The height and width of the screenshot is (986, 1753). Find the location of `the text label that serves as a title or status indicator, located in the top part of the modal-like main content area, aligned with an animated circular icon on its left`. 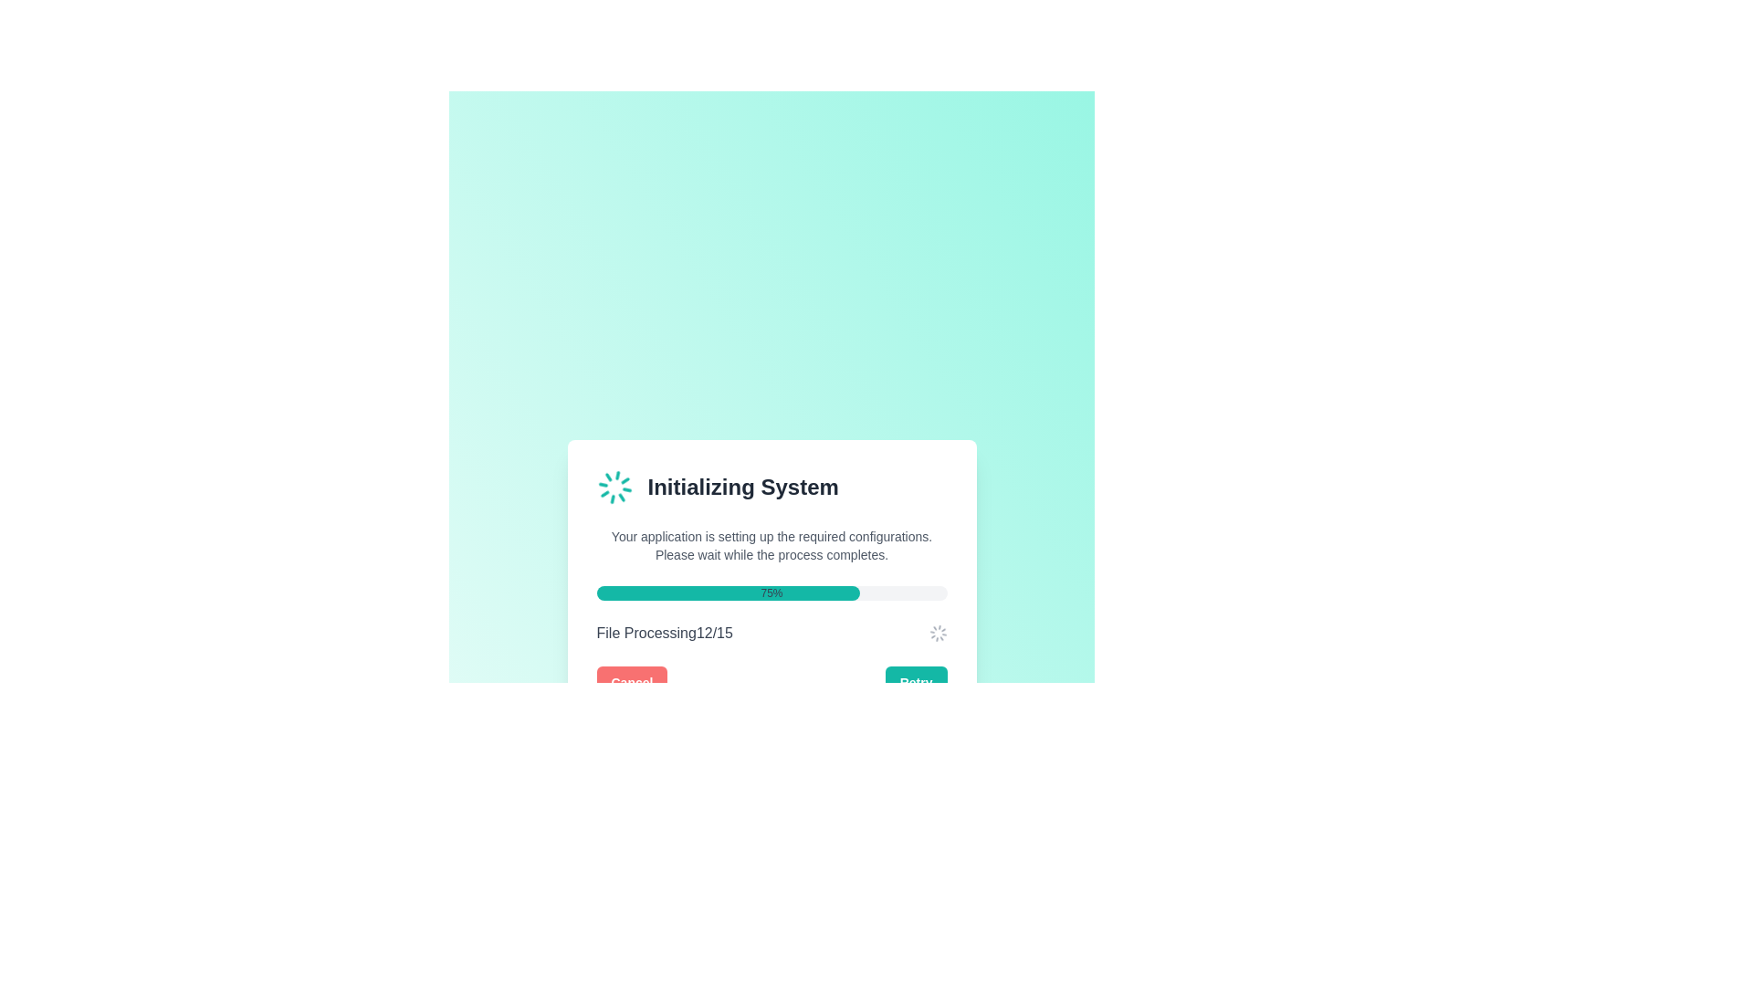

the text label that serves as a title or status indicator, located in the top part of the modal-like main content area, aligned with an animated circular icon on its left is located at coordinates (743, 486).